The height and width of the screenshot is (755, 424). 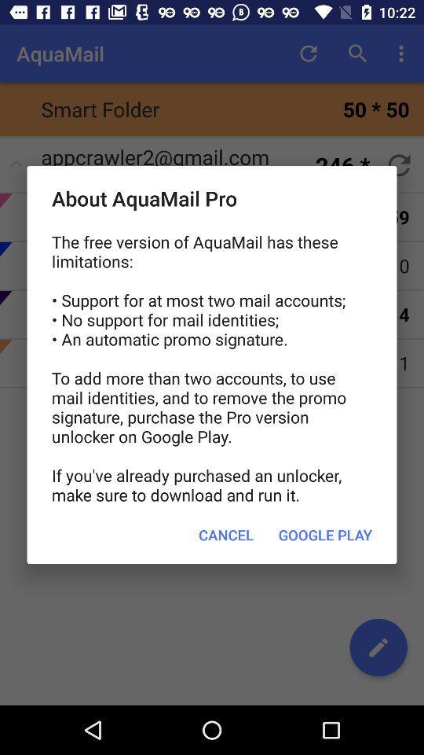 I want to click on the cancel, so click(x=225, y=535).